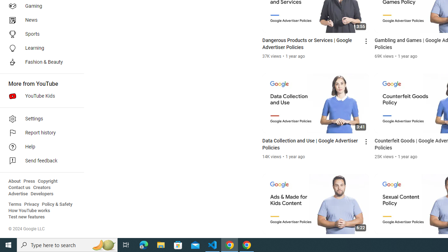 This screenshot has width=448, height=252. I want to click on 'Learning', so click(39, 48).